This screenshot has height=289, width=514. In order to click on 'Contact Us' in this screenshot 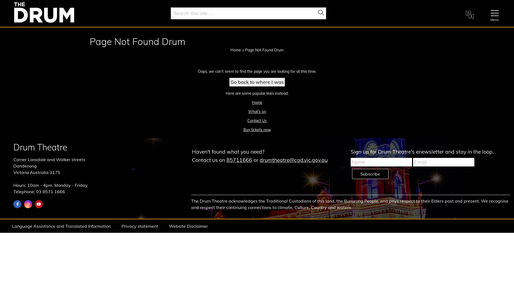, I will do `click(257, 121)`.